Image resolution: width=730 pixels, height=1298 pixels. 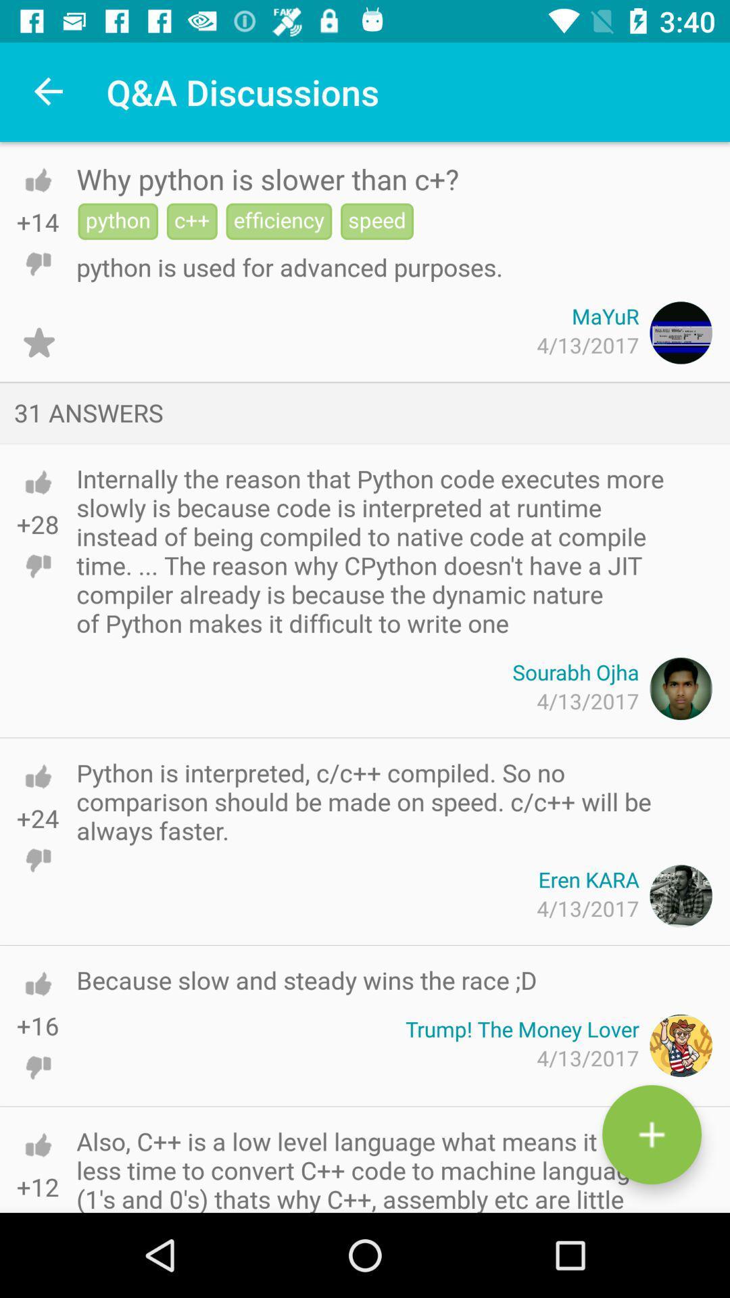 What do you see at coordinates (37, 1067) in the screenshot?
I see `thumbs down` at bounding box center [37, 1067].